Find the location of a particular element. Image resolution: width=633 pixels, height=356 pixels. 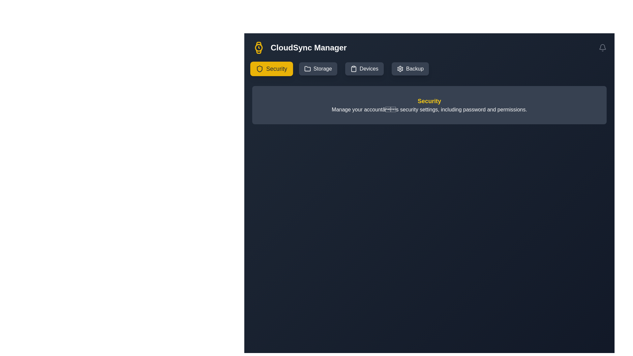

the 'Devices' button, which is the third button in a series of four buttons labeled 'Security', 'Storage', 'Devices', and 'Backup' is located at coordinates (364, 69).